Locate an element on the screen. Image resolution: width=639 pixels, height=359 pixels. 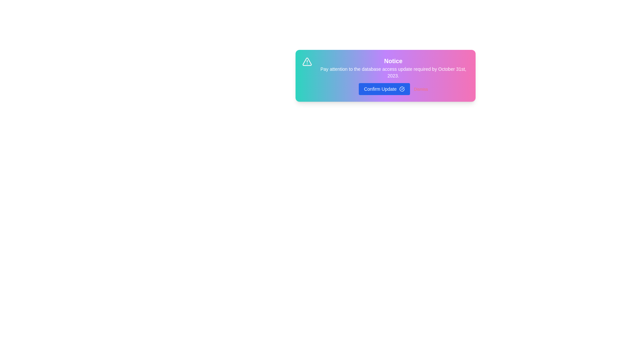
the word 'database' in the alert message is located at coordinates (332, 66).